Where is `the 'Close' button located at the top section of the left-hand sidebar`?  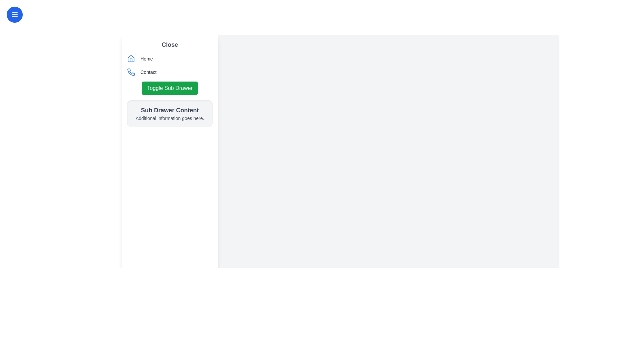
the 'Close' button located at the top section of the left-hand sidebar is located at coordinates (170, 45).